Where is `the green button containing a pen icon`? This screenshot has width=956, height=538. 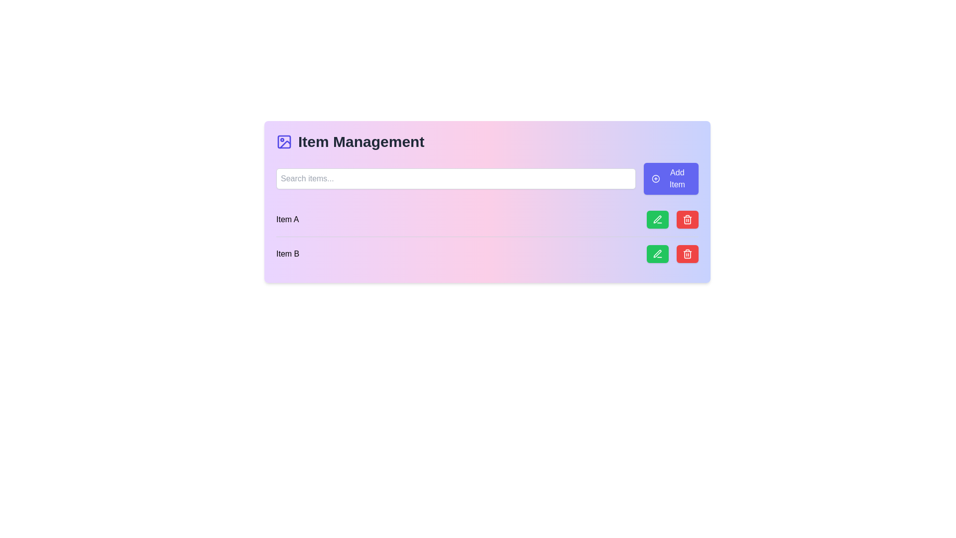
the green button containing a pen icon is located at coordinates (657, 253).